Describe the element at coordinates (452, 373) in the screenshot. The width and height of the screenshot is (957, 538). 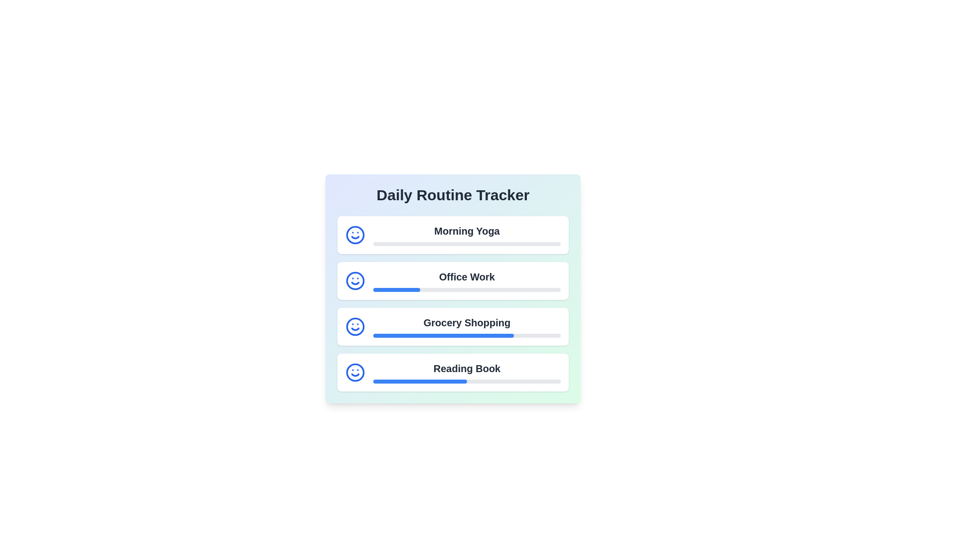
I see `the routine item Reading Book to see additional information` at that location.